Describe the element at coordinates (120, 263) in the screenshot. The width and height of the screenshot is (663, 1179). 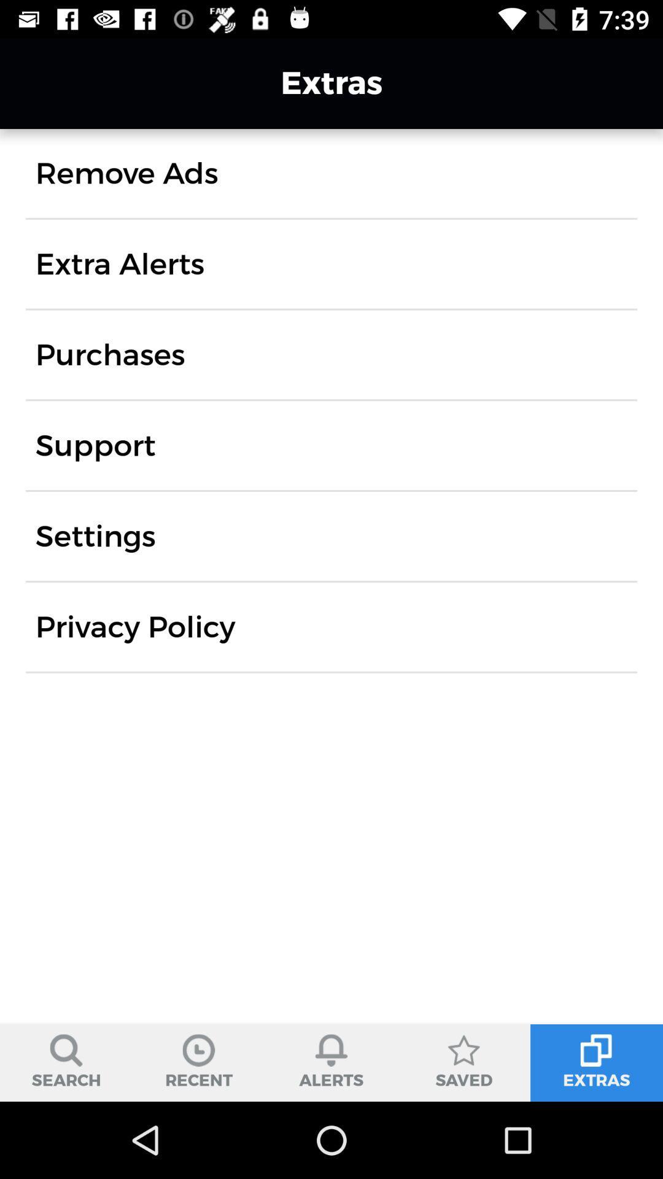
I see `the extra alerts` at that location.